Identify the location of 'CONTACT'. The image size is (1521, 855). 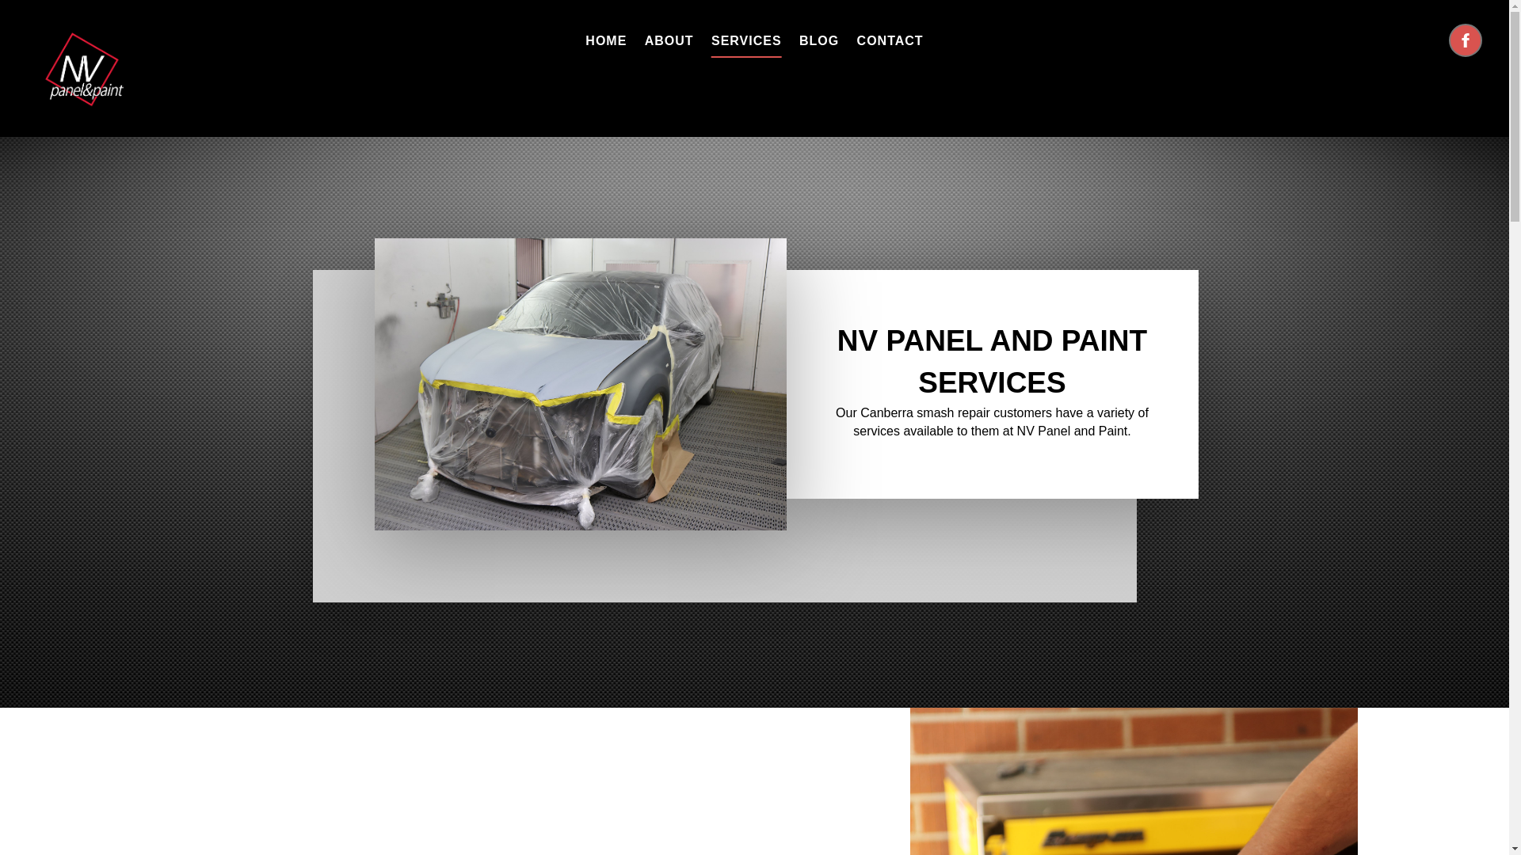
(890, 40).